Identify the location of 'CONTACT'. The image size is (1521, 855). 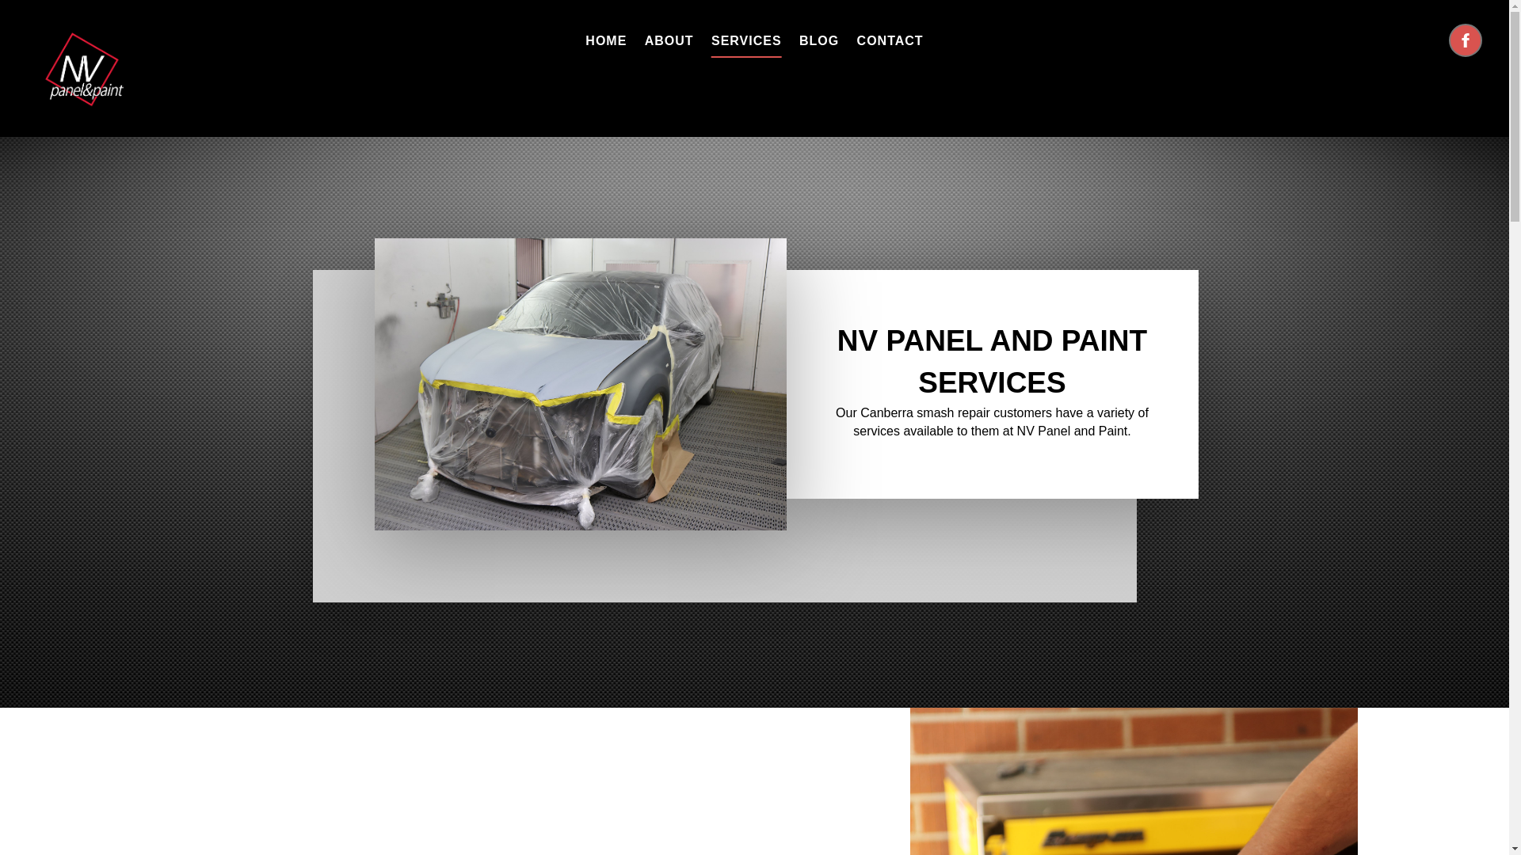
(890, 40).